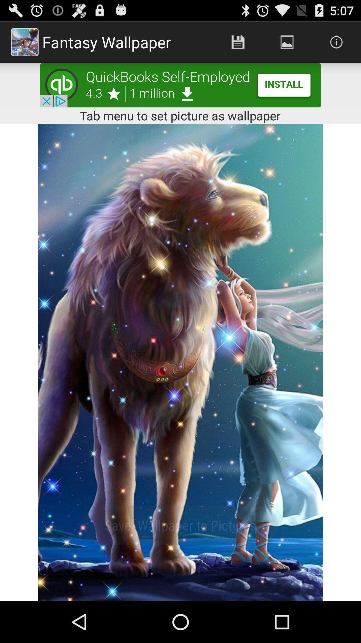  Describe the element at coordinates (180, 85) in the screenshot. I see `advertisement portion` at that location.